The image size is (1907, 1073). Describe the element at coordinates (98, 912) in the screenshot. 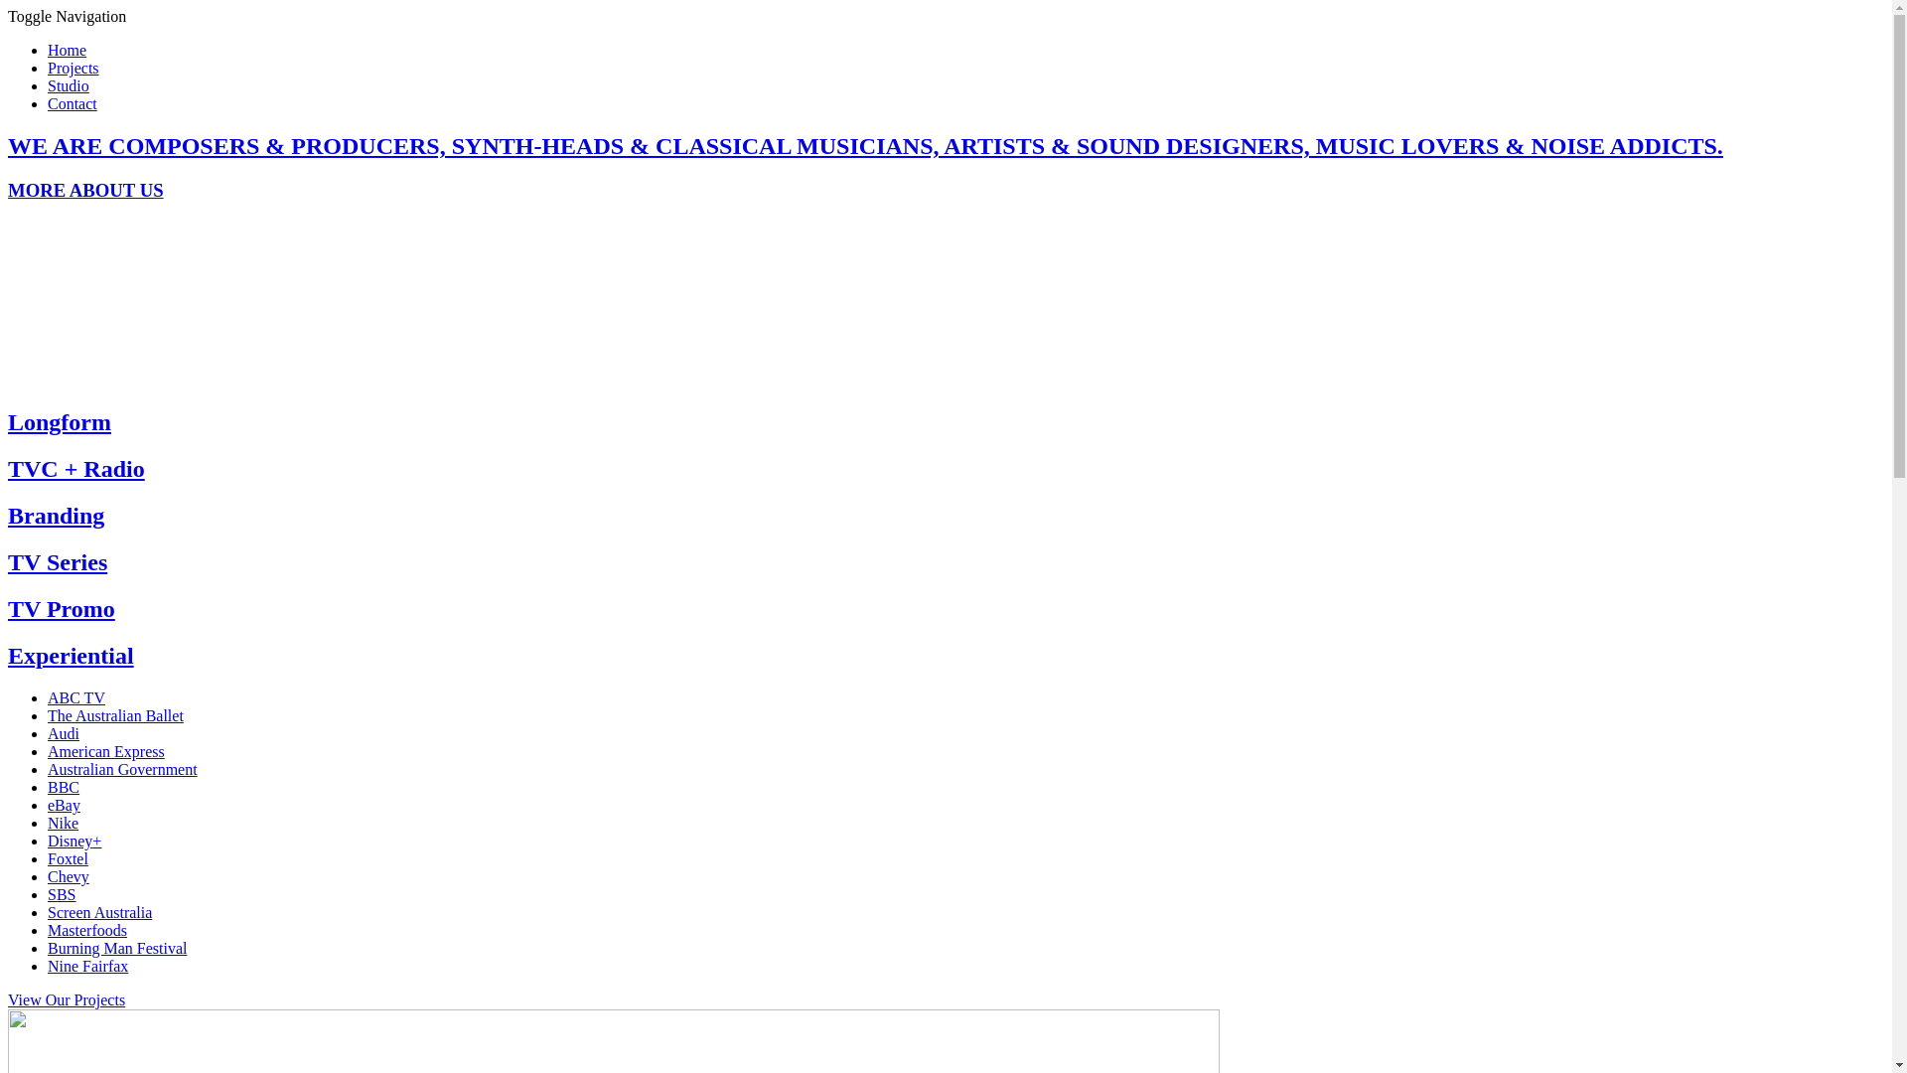

I see `'Screen Australia'` at that location.